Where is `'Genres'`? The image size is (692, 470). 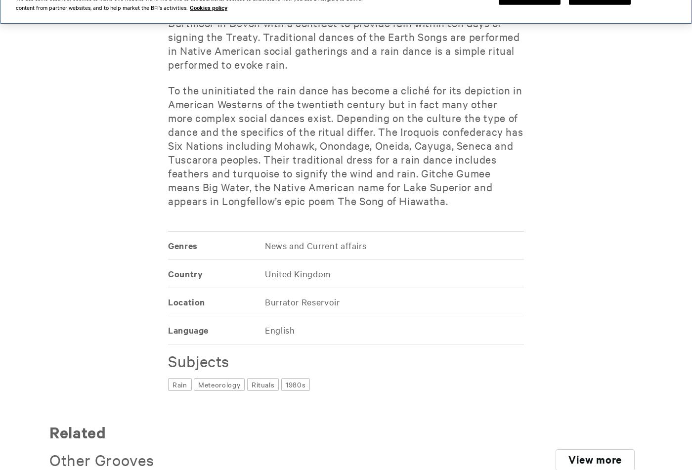
'Genres' is located at coordinates (182, 245).